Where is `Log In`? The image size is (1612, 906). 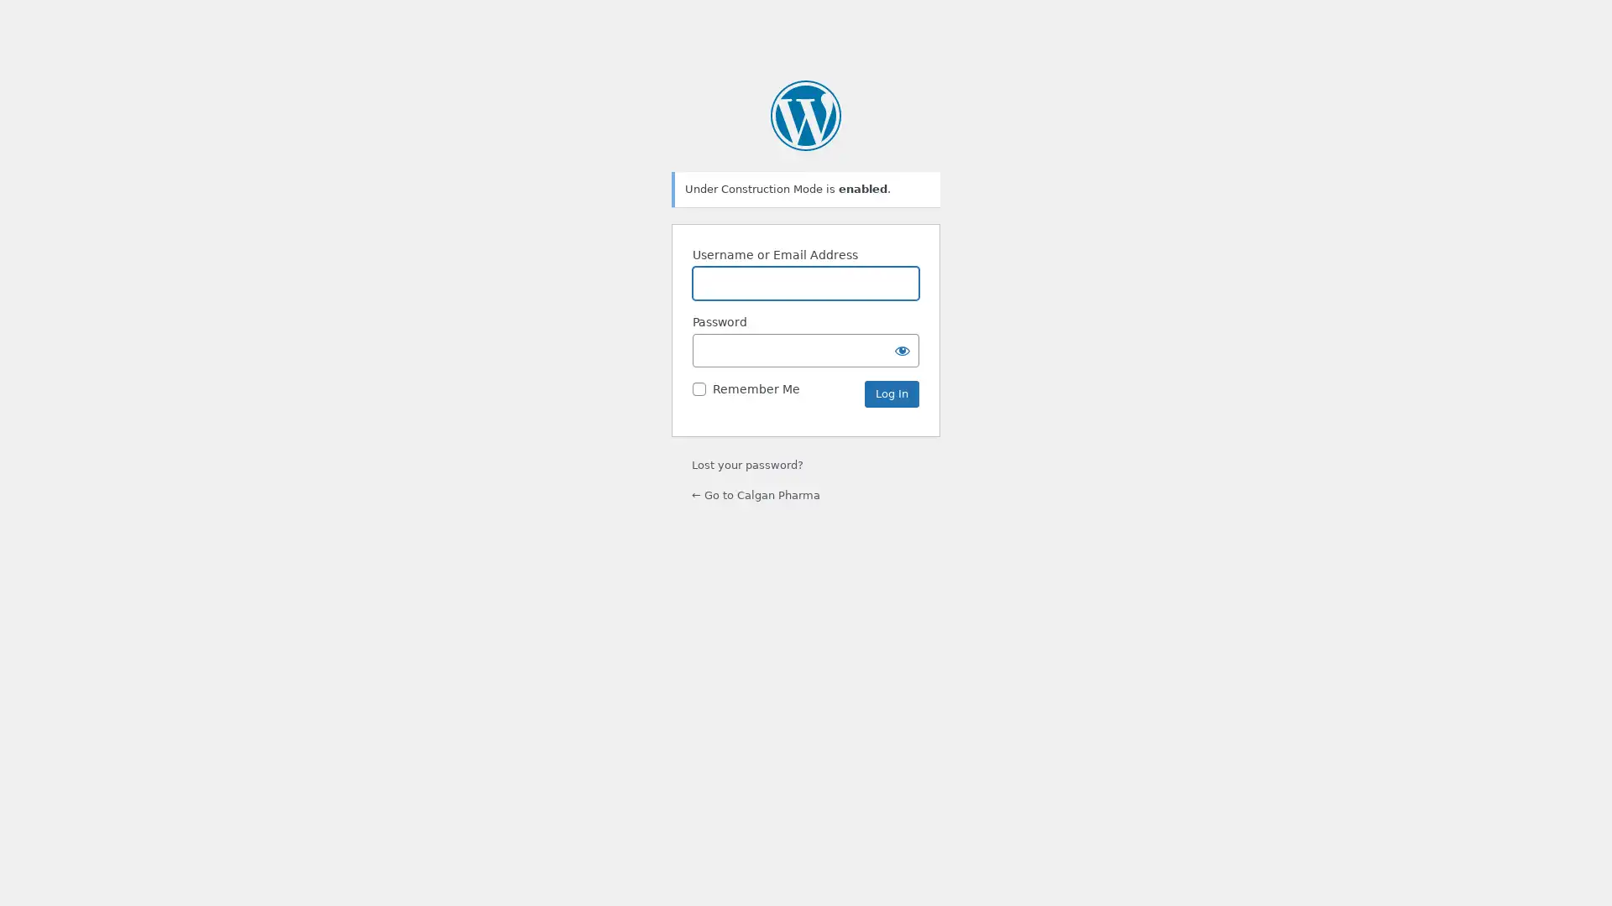
Log In is located at coordinates (891, 394).